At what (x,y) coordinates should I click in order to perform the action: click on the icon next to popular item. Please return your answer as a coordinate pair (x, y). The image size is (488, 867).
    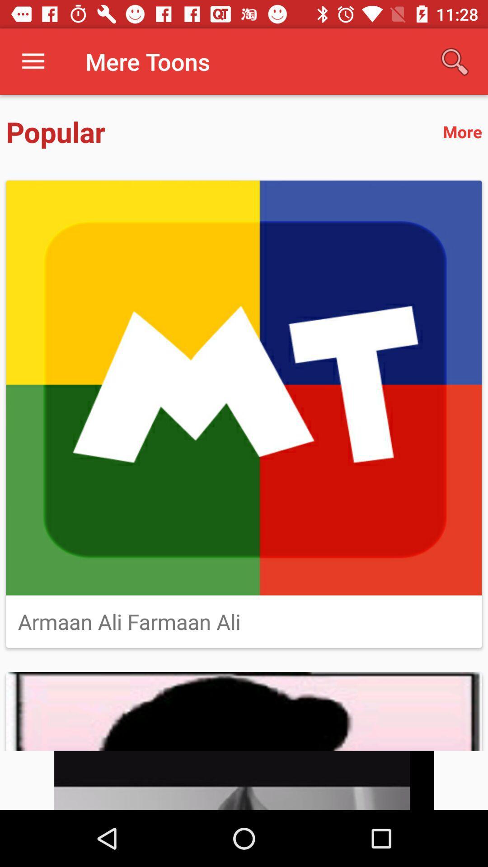
    Looking at the image, I should click on (462, 131).